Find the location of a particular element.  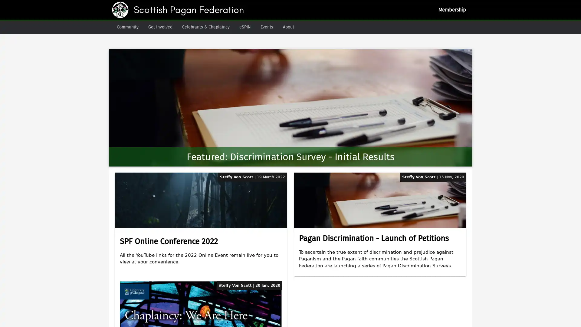

Celebrants & Chaplaincy is located at coordinates (206, 27).